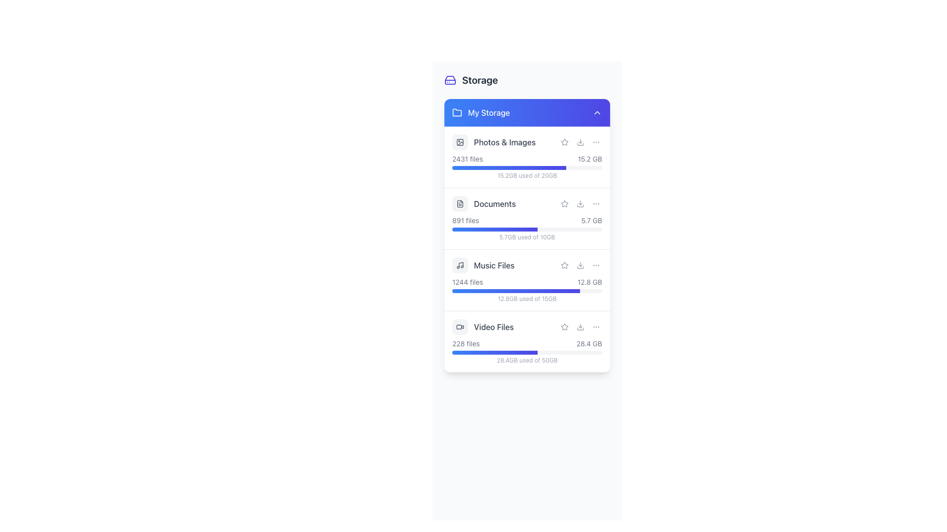 The image size is (947, 532). Describe the element at coordinates (465, 343) in the screenshot. I see `the static text label that indicates the number of files present, which is located to the left of the '28.4 GB' text` at that location.